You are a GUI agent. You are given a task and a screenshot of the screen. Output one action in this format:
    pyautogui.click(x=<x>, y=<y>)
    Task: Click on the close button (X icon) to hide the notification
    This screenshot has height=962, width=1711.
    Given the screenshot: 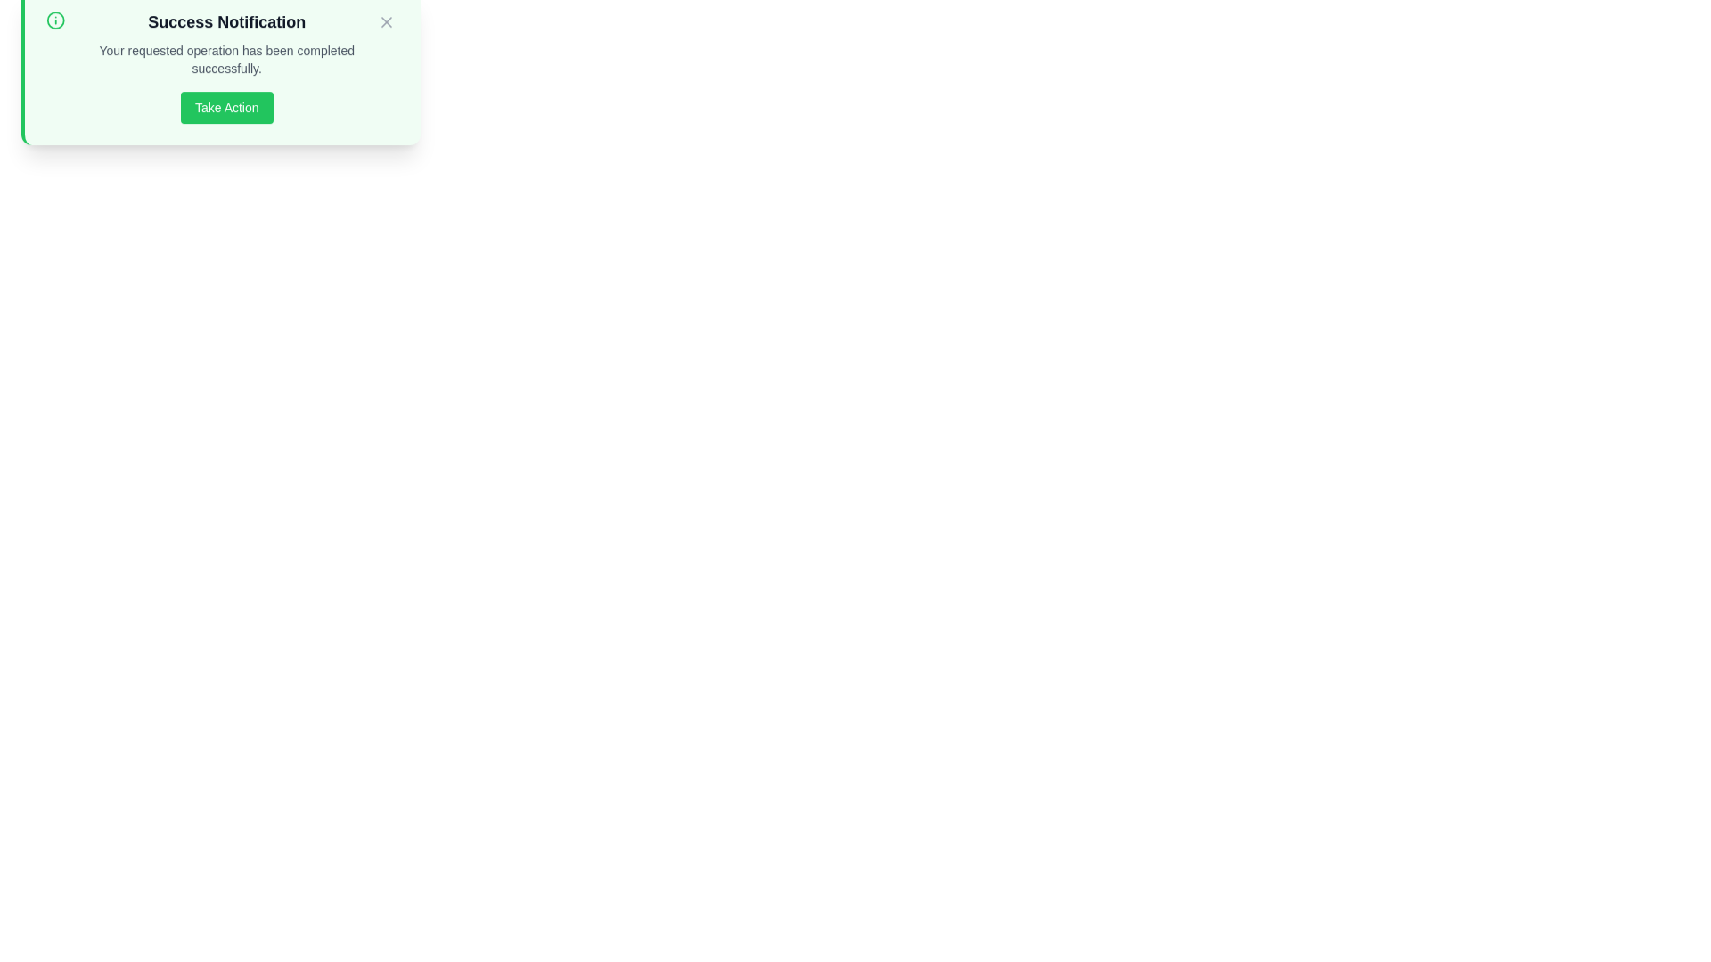 What is the action you would take?
    pyautogui.click(x=385, y=40)
    